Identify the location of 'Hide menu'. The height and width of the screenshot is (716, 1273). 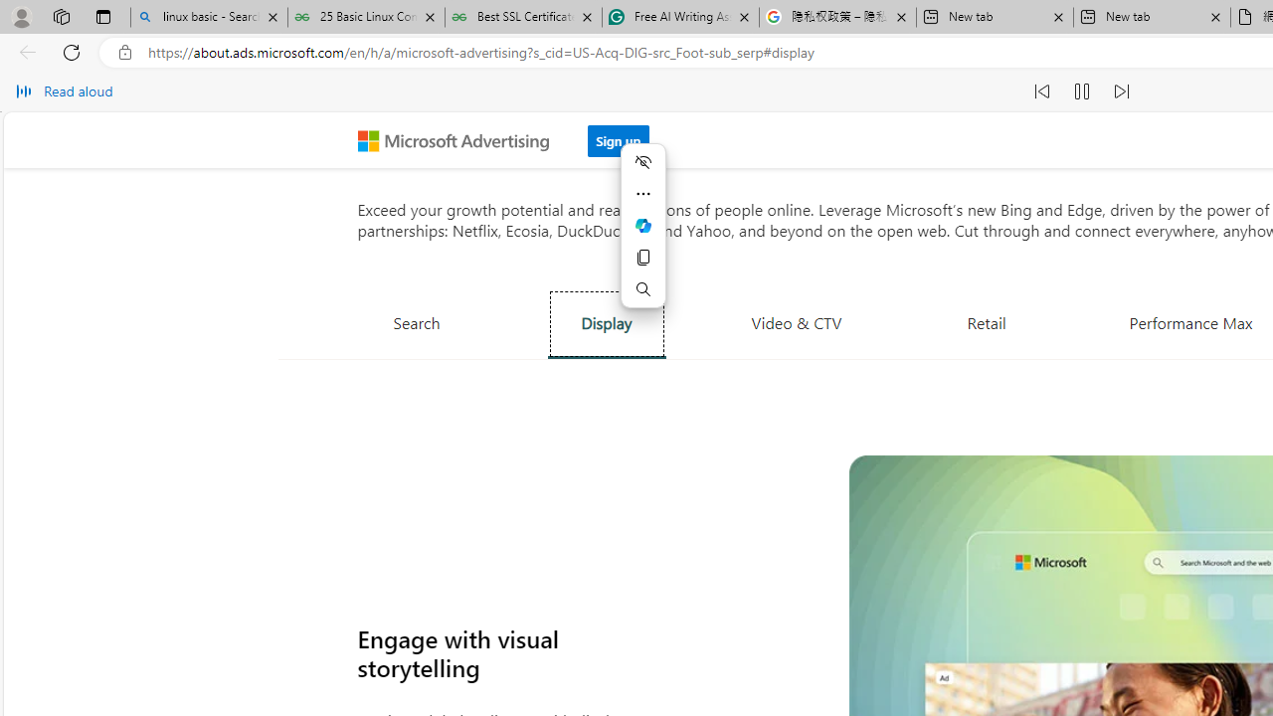
(643, 161).